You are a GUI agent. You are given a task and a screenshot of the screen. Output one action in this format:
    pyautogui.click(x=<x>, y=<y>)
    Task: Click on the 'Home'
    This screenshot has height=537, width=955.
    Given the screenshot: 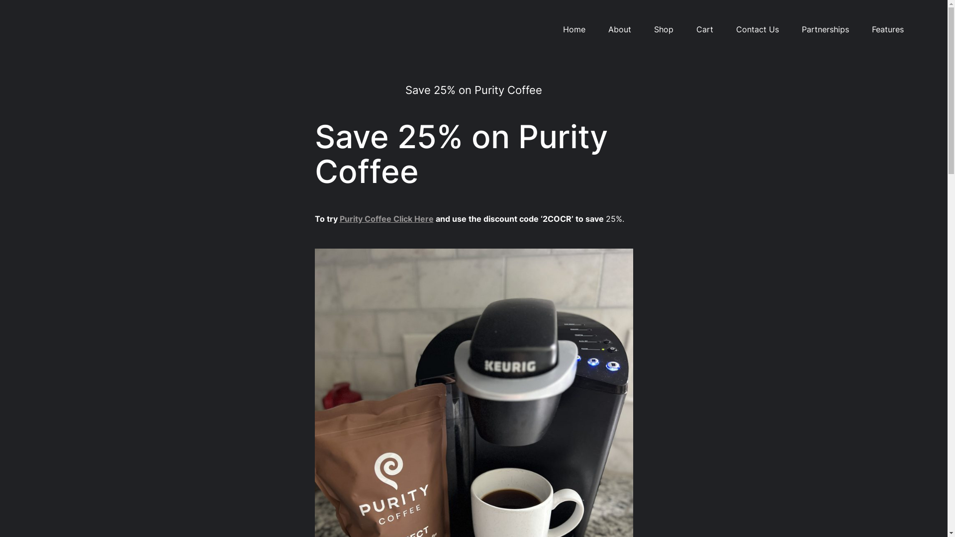 What is the action you would take?
    pyautogui.click(x=574, y=29)
    